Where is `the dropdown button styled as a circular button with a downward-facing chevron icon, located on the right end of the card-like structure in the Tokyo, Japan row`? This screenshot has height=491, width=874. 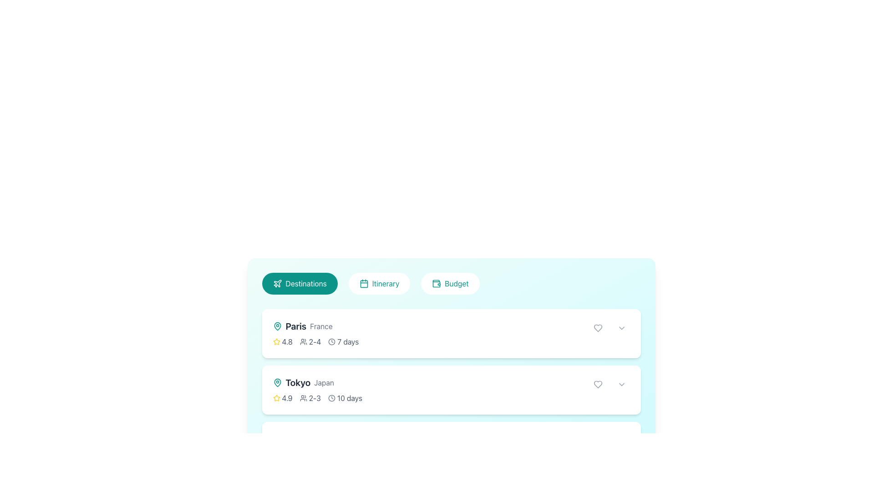 the dropdown button styled as a circular button with a downward-facing chevron icon, located on the right end of the card-like structure in the Tokyo, Japan row is located at coordinates (621, 384).